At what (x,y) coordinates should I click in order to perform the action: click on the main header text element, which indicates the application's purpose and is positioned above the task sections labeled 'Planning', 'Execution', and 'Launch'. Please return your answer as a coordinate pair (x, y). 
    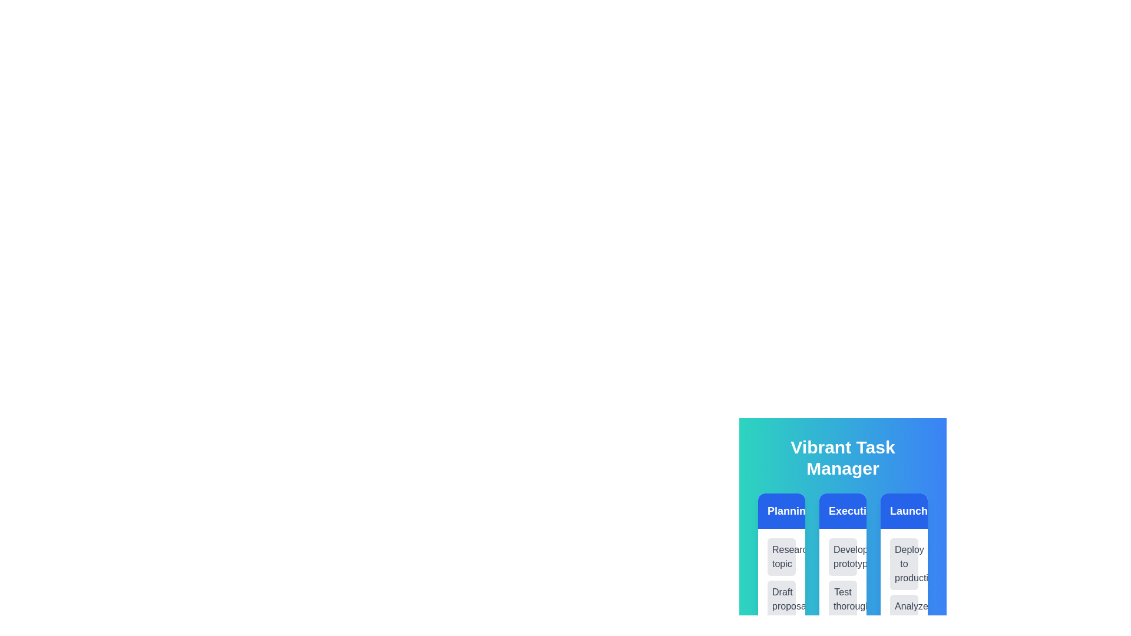
    Looking at the image, I should click on (842, 458).